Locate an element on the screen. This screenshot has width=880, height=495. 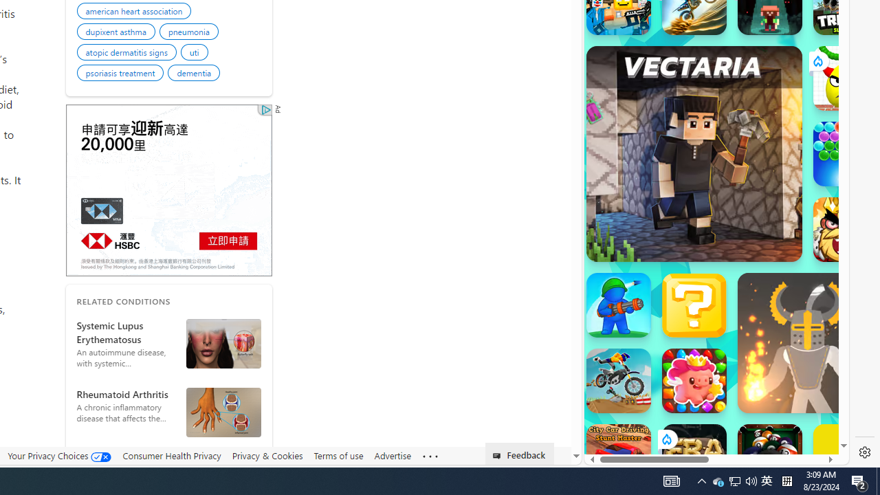
'Vectaria.io' is located at coordinates (694, 153).